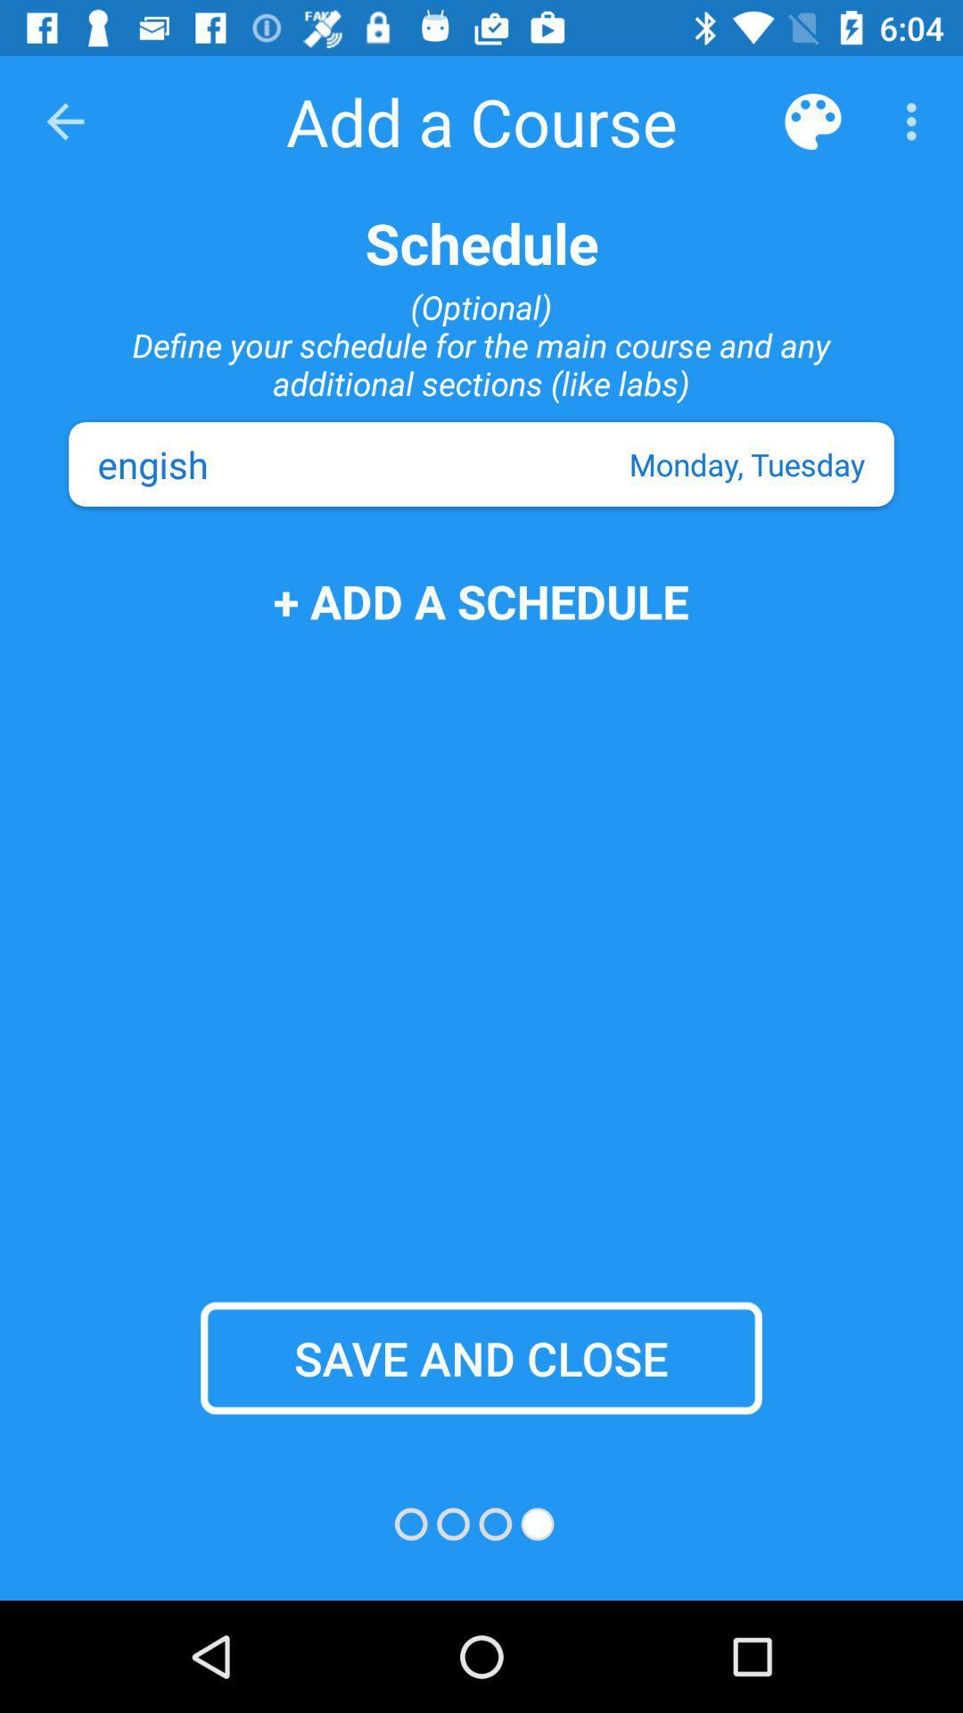 This screenshot has width=963, height=1713. I want to click on save and close item, so click(481, 1357).